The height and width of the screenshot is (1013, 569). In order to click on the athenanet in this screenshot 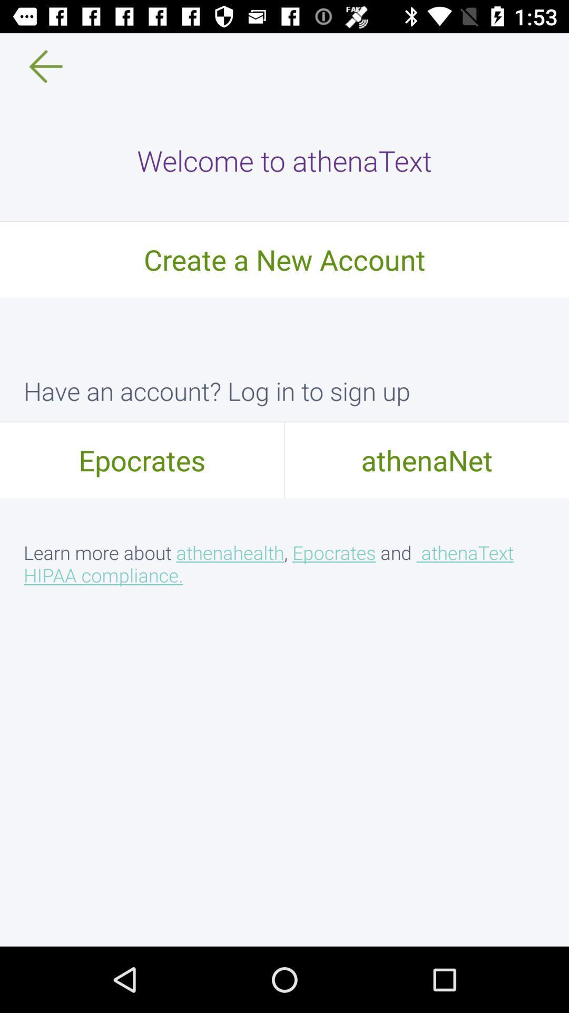, I will do `click(427, 460)`.